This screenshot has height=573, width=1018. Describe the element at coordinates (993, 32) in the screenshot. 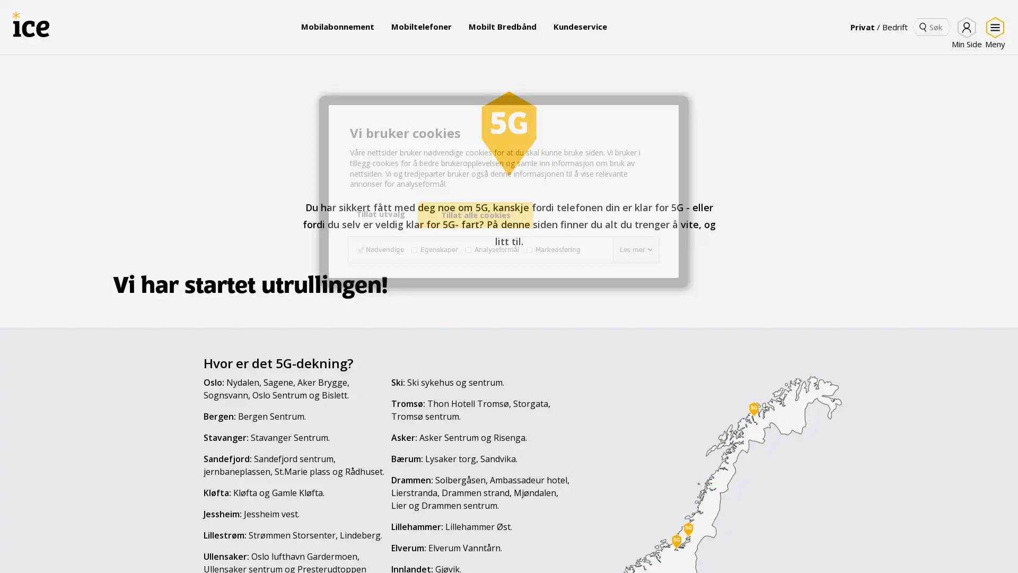

I see `Meny` at that location.